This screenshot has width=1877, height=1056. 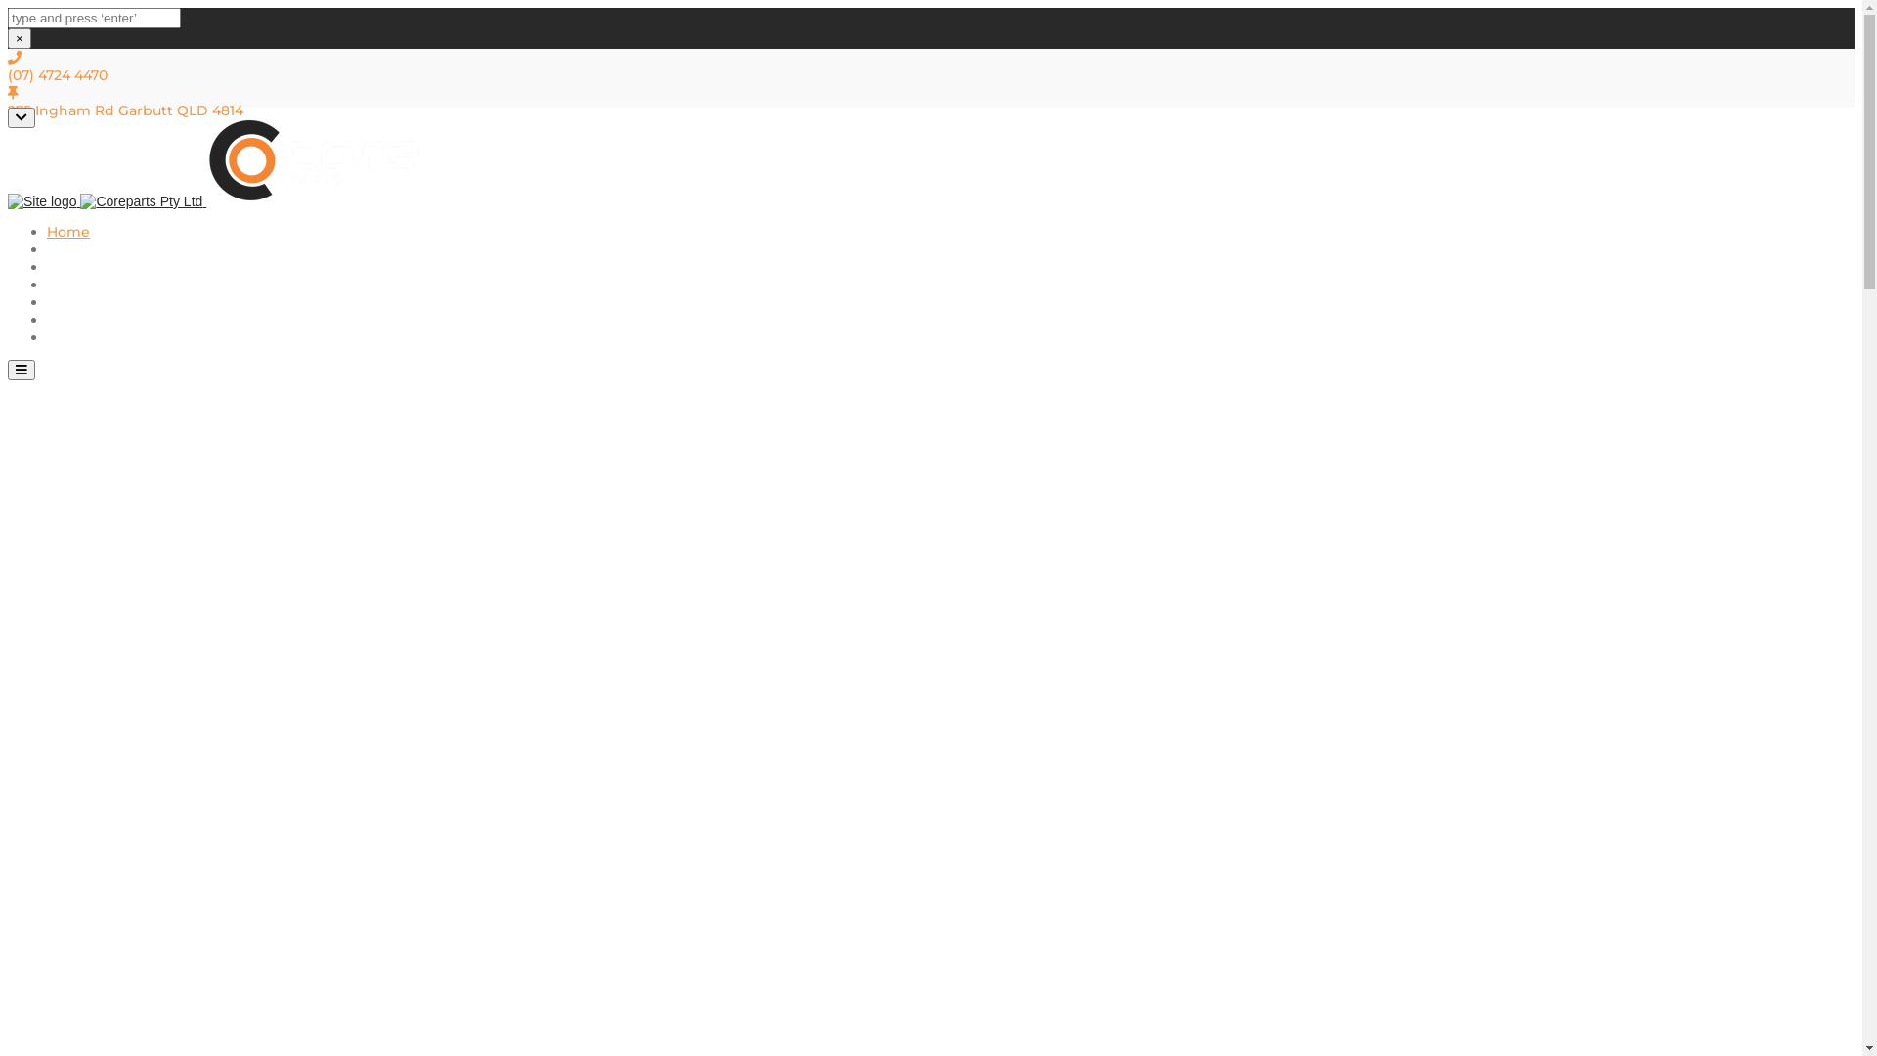 What do you see at coordinates (90, 301) in the screenshot?
I see `'Brake Valves'` at bounding box center [90, 301].